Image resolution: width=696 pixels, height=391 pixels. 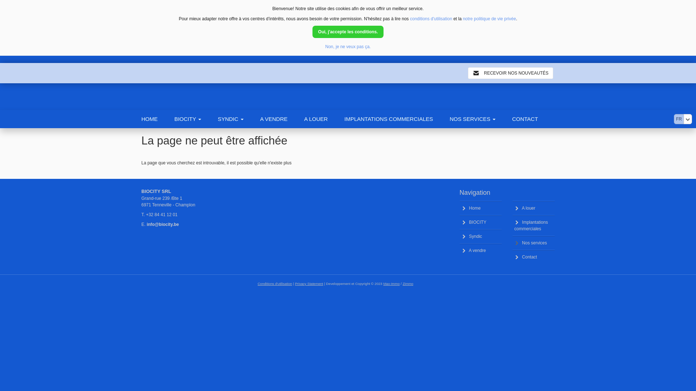 What do you see at coordinates (274, 283) in the screenshot?
I see `'Conditions d'utilisation'` at bounding box center [274, 283].